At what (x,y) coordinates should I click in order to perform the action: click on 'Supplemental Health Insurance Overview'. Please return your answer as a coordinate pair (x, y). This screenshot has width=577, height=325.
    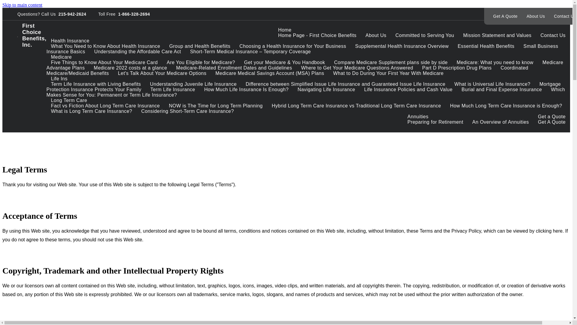
    Looking at the image, I should click on (402, 46).